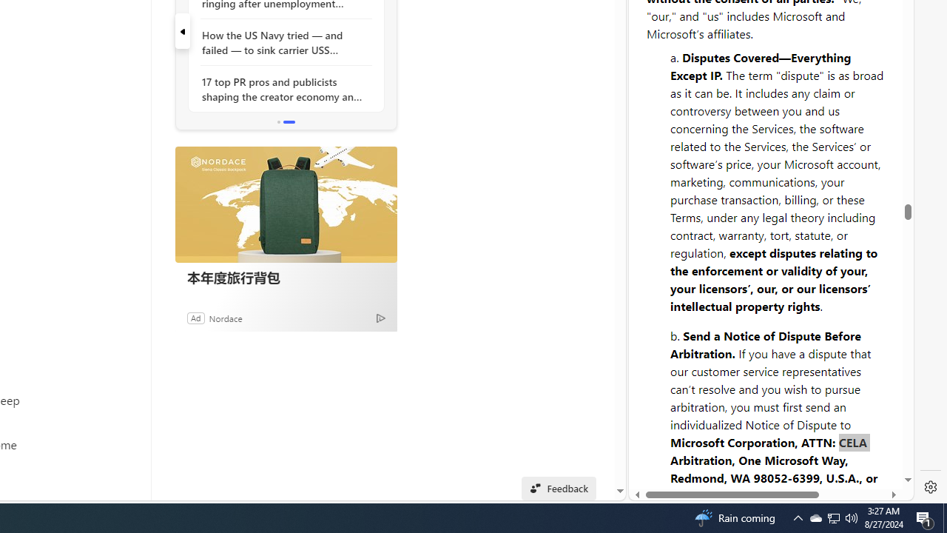  What do you see at coordinates (380, 317) in the screenshot?
I see `'Ad Choice'` at bounding box center [380, 317].